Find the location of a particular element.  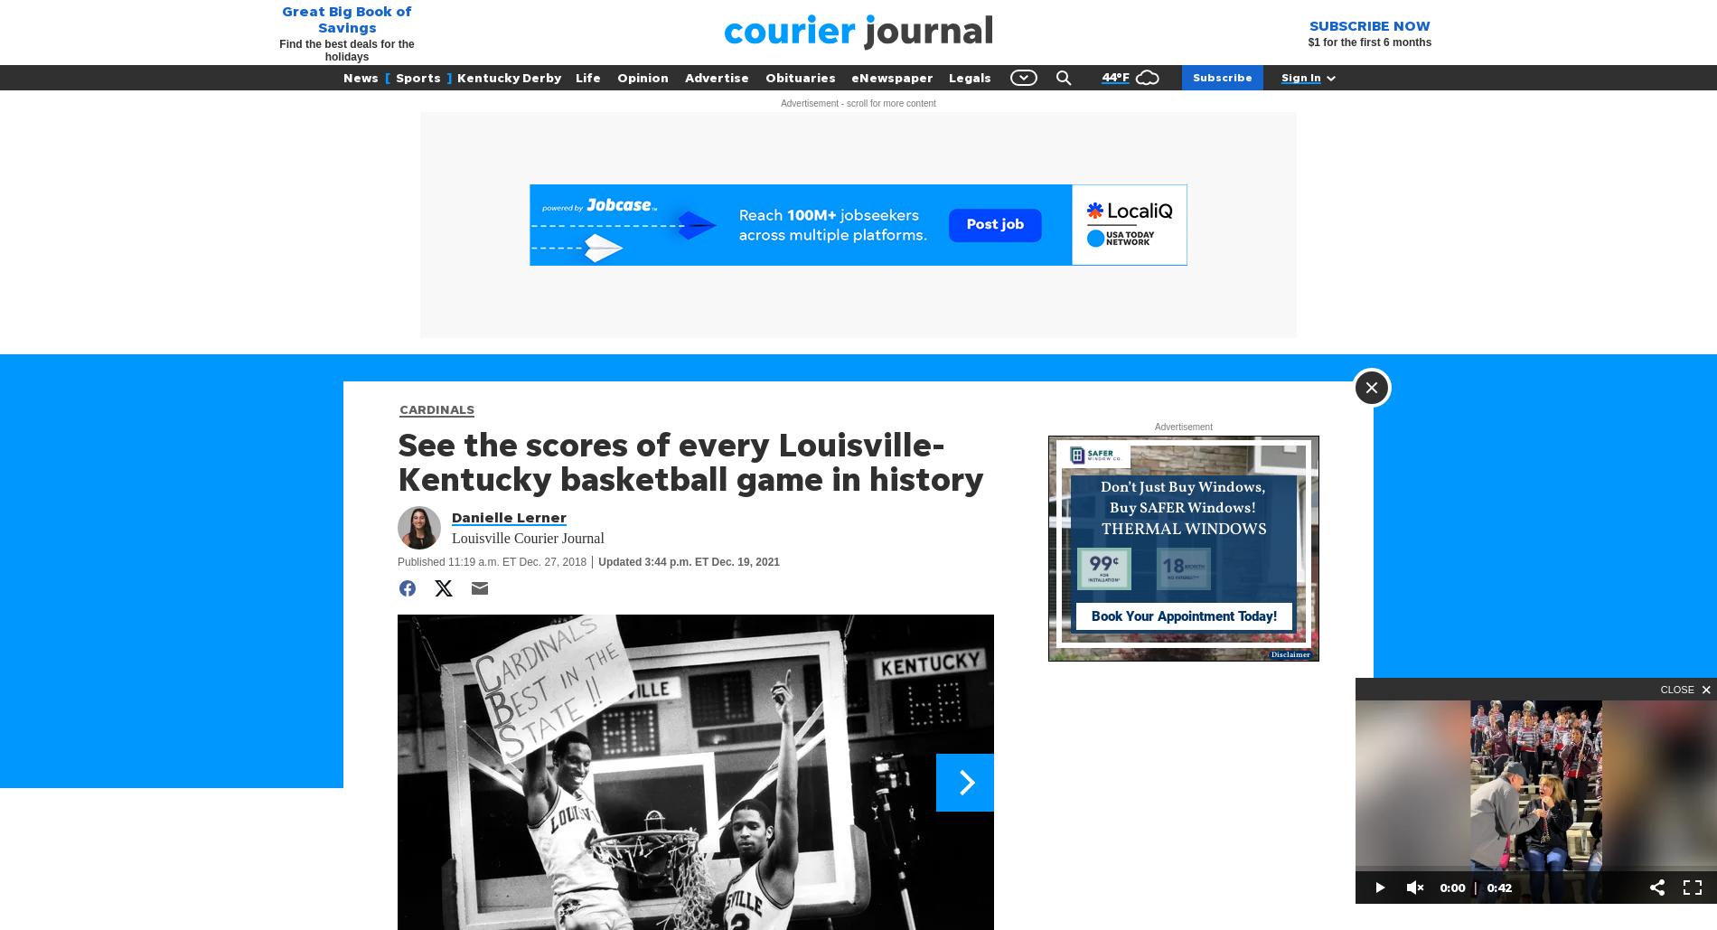

'Opinion' is located at coordinates (643, 76).